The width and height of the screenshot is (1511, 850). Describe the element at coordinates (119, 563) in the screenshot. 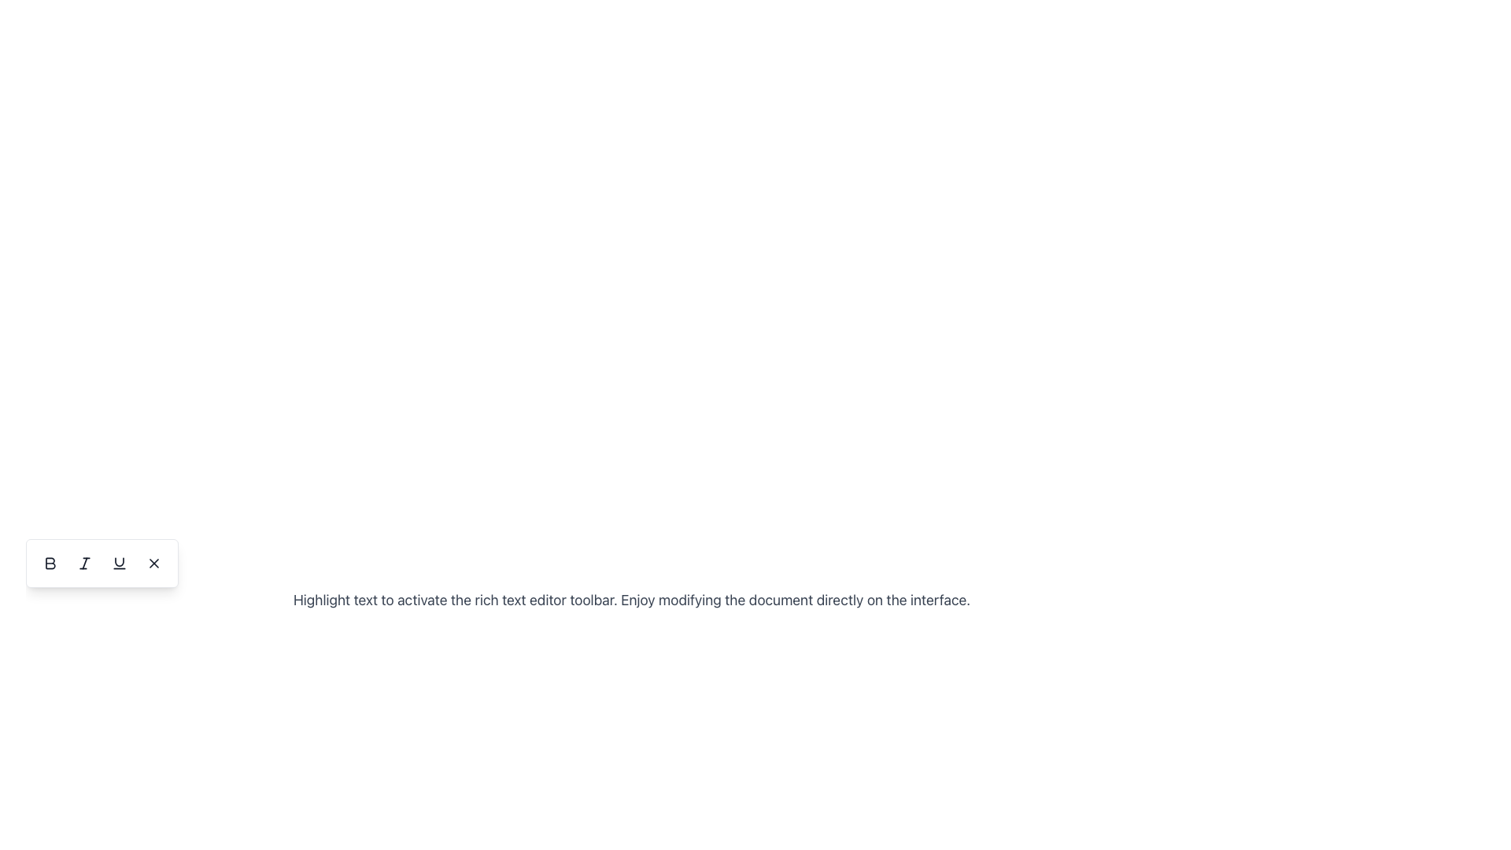

I see `the underline text formatting button located at the bottom center of the floating toolbar, which is the third item from the left` at that location.